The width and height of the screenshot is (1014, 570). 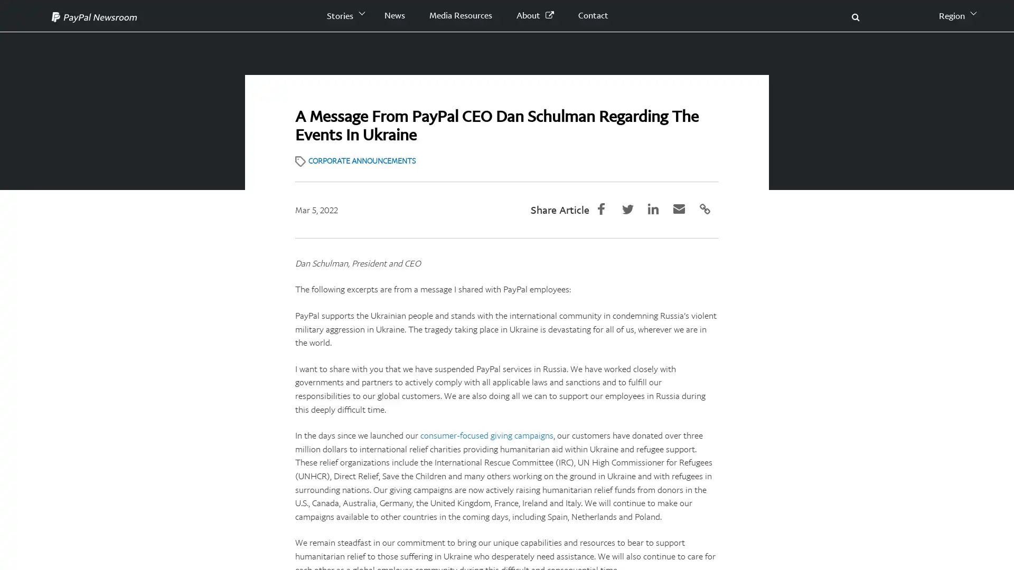 I want to click on Share to Twitter, so click(x=634, y=208).